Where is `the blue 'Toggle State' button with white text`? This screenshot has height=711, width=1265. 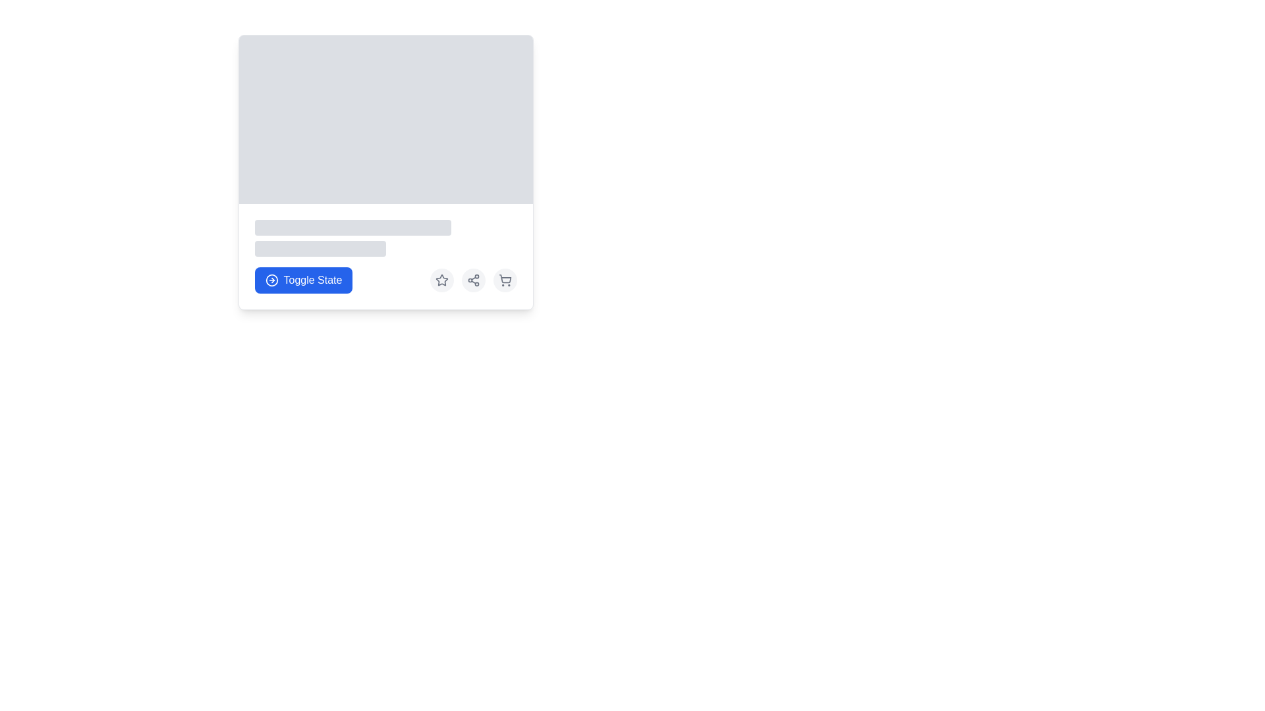
the blue 'Toggle State' button with white text is located at coordinates (312, 279).